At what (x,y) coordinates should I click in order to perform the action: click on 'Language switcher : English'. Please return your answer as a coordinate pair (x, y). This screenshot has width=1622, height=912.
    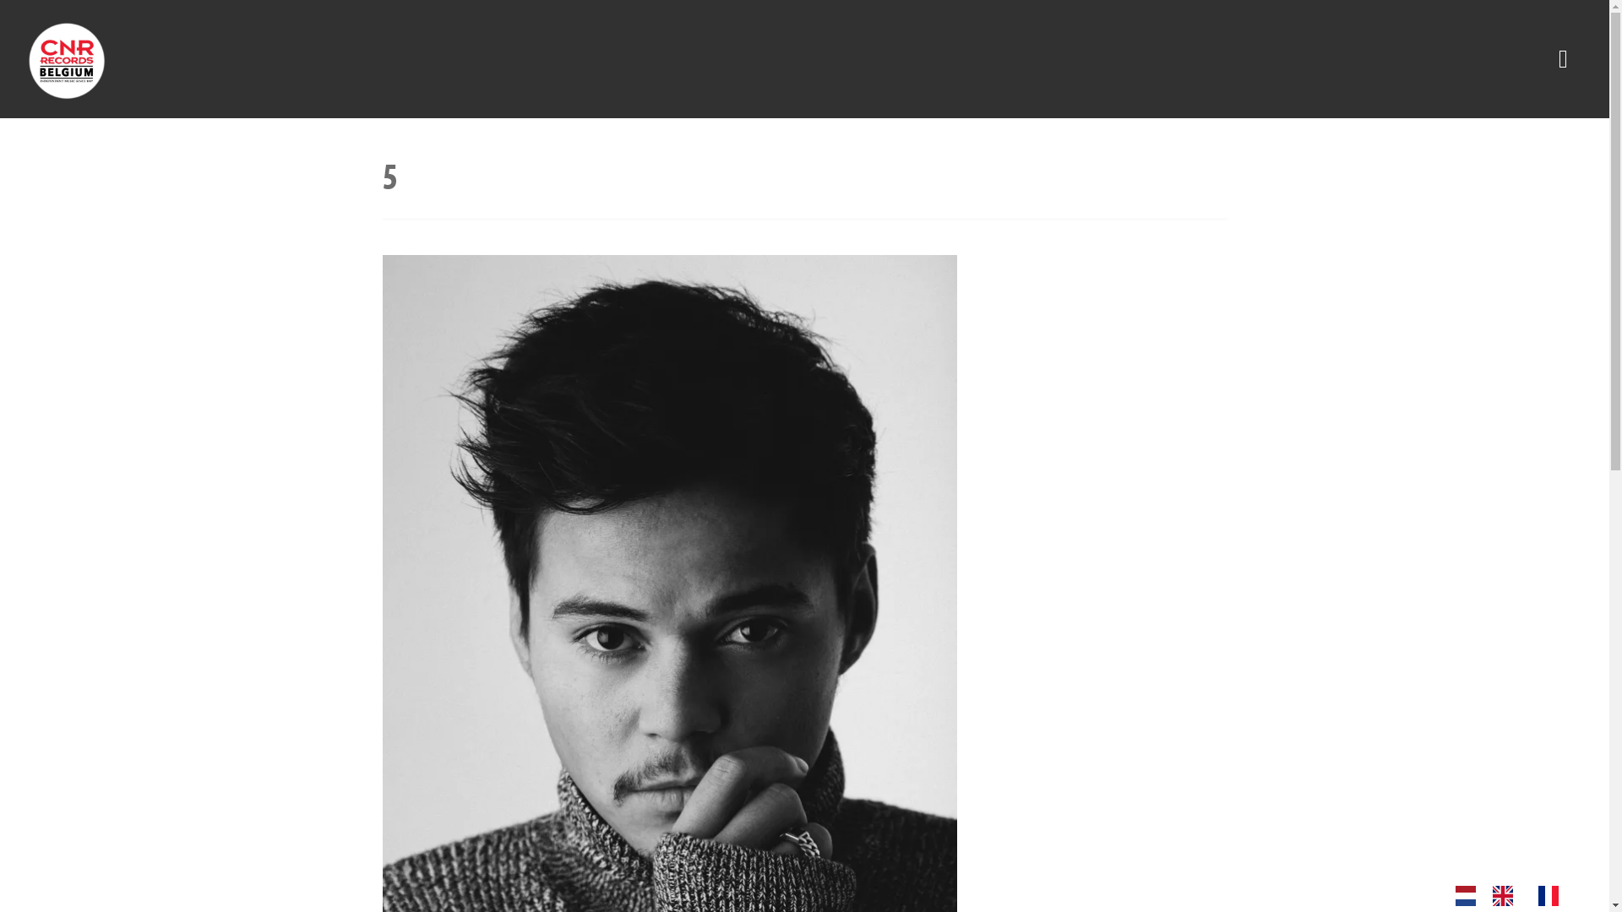
    Looking at the image, I should click on (1507, 893).